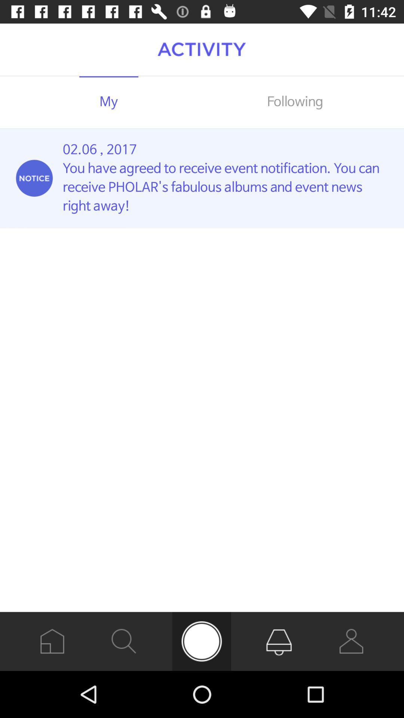 This screenshot has width=404, height=718. I want to click on the home icon, so click(52, 641).